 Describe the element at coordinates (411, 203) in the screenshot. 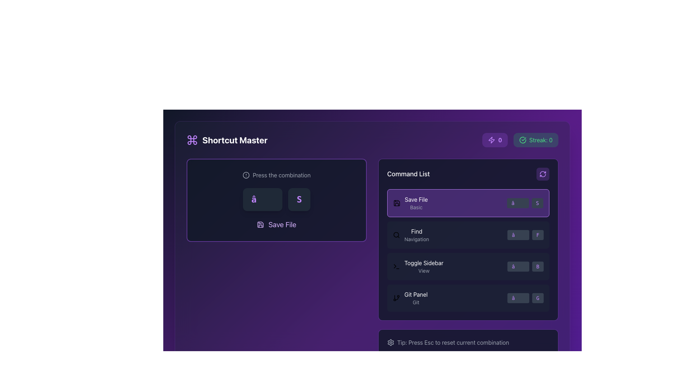

I see `the 'Save File' button element, which features an icon resembling a floppy disk and the text 'Save File' in white, located in the 'Command List' section` at that location.